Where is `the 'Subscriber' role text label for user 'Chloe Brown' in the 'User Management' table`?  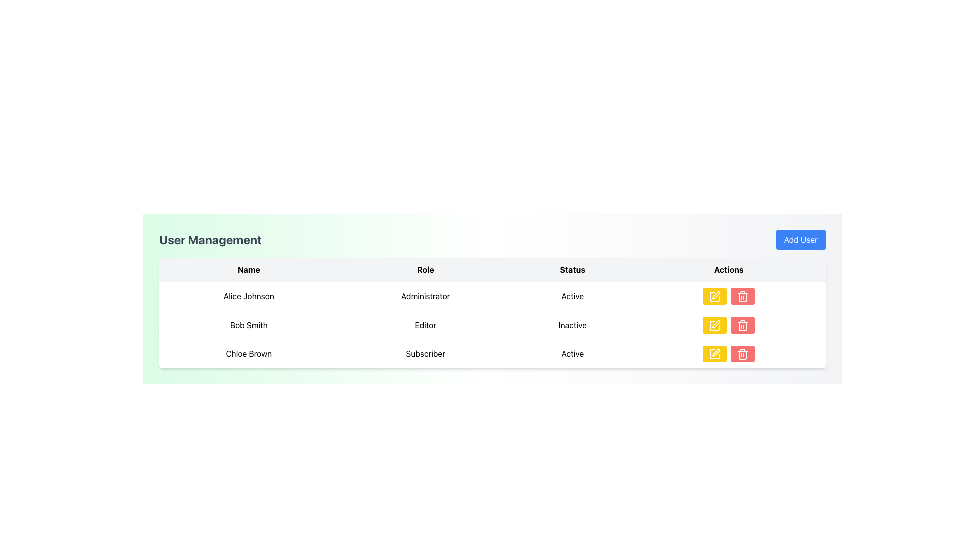
the 'Subscriber' role text label for user 'Chloe Brown' in the 'User Management' table is located at coordinates (425, 353).